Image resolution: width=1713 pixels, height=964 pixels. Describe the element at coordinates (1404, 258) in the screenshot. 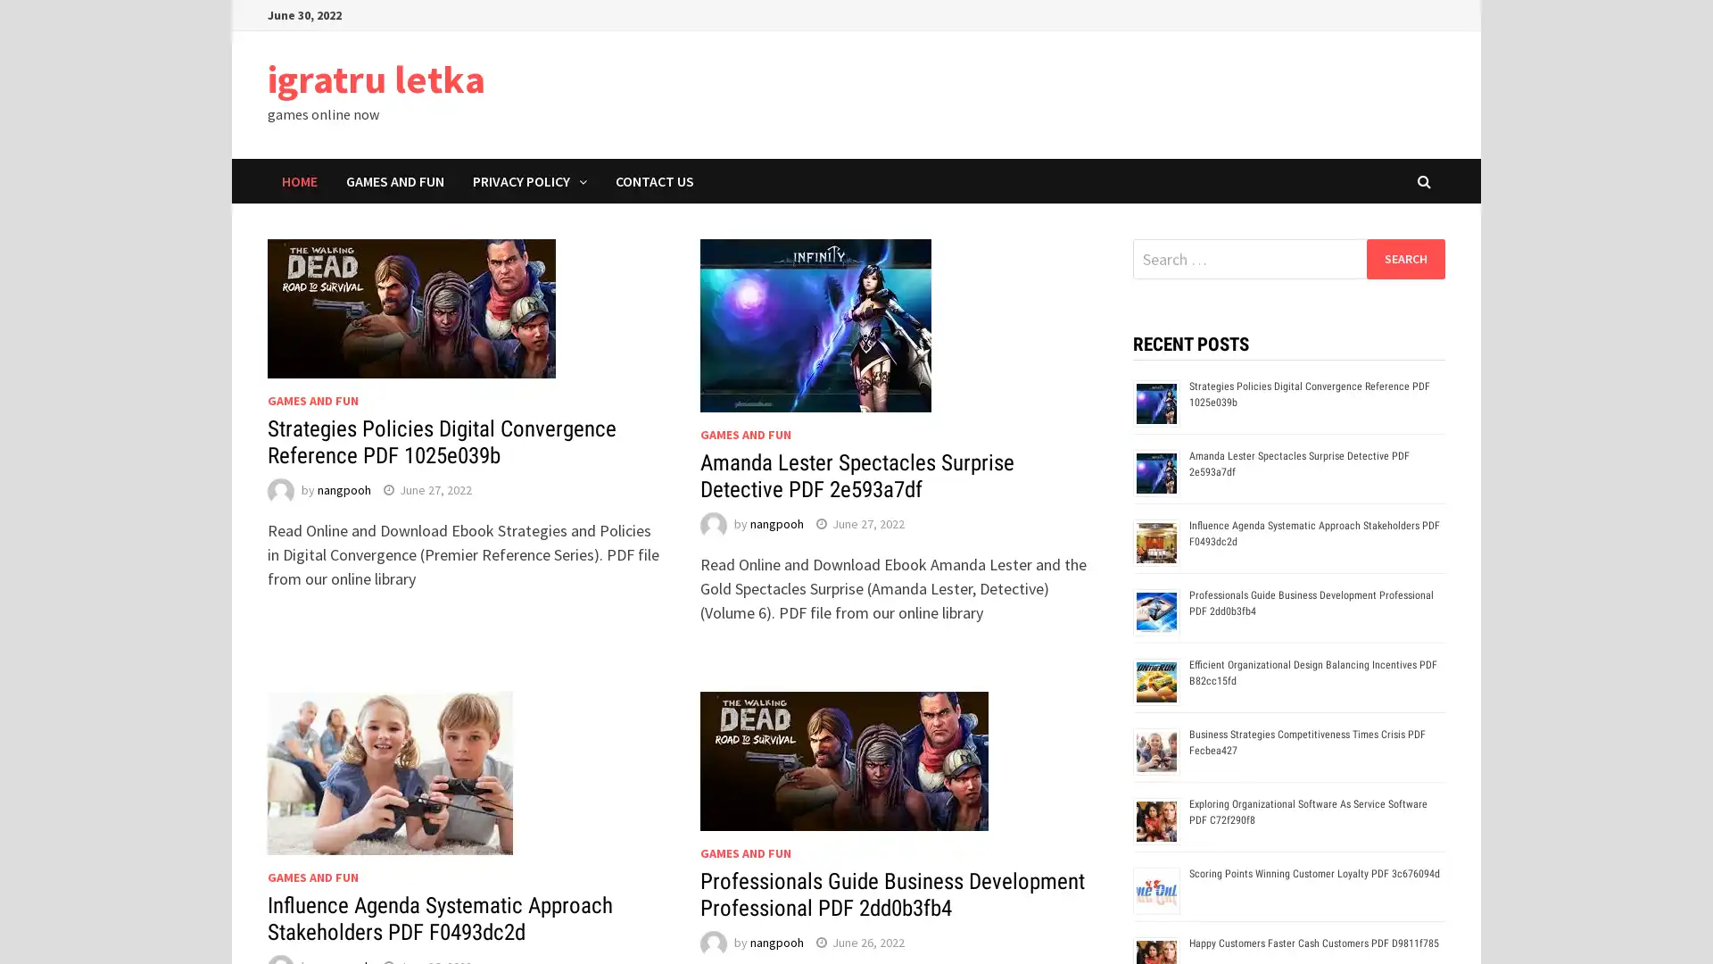

I see `Search` at that location.